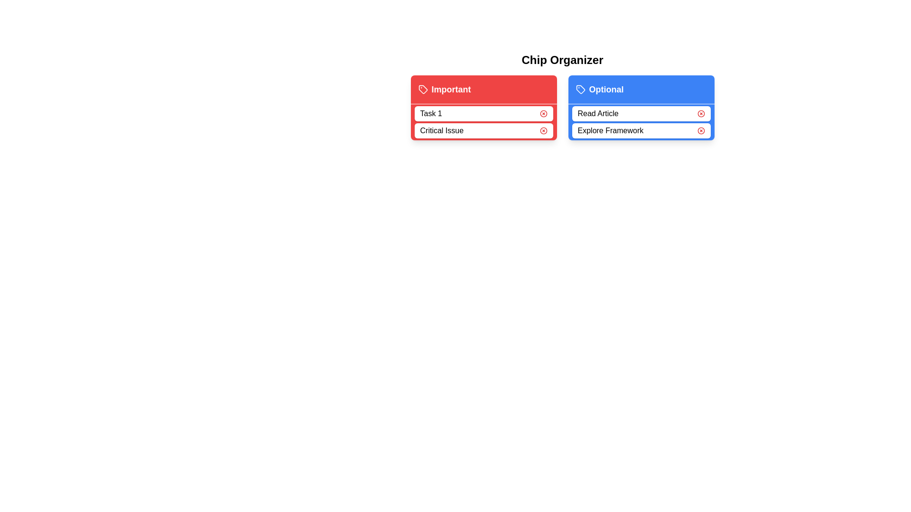  What do you see at coordinates (543, 131) in the screenshot?
I see `remove button for the chip labeled Critical Issue` at bounding box center [543, 131].